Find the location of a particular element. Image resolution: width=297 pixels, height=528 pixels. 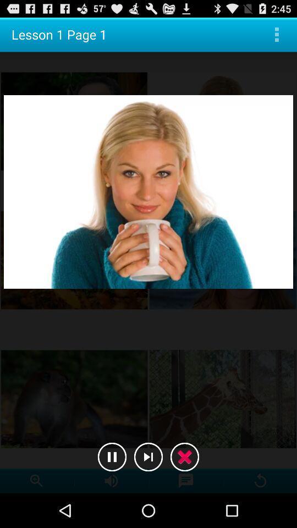

the skip_next icon is located at coordinates (148, 488).